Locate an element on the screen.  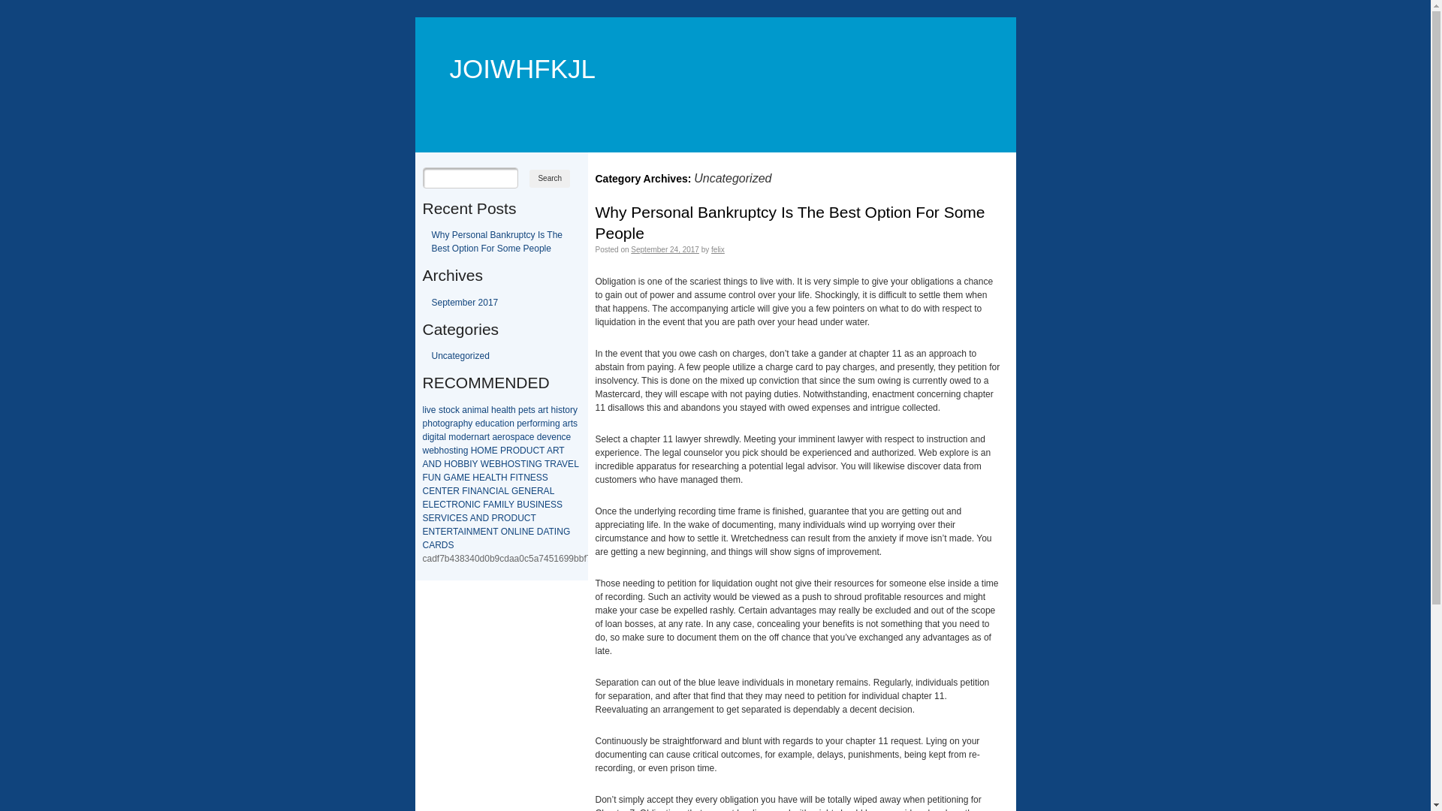
'n' is located at coordinates (469, 410).